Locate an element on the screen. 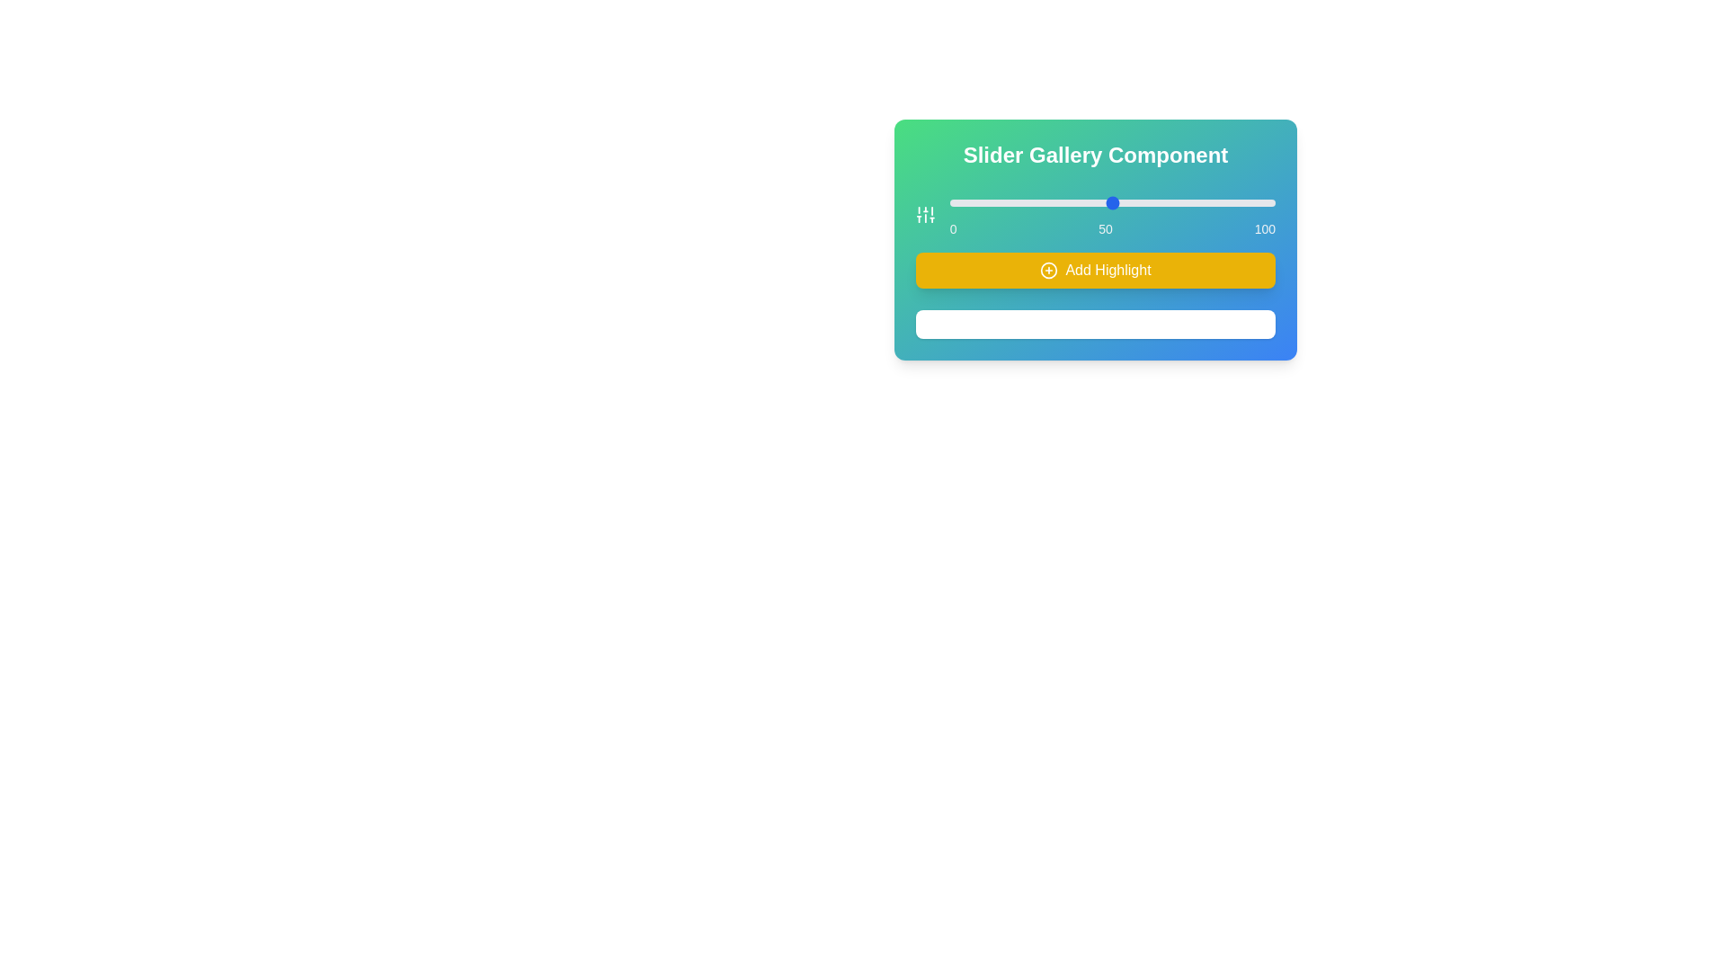 This screenshot has width=1726, height=971. the Text Display that shows the current value of a slider, positioned centrally between the numbers '0' and '100' is located at coordinates (1105, 227).